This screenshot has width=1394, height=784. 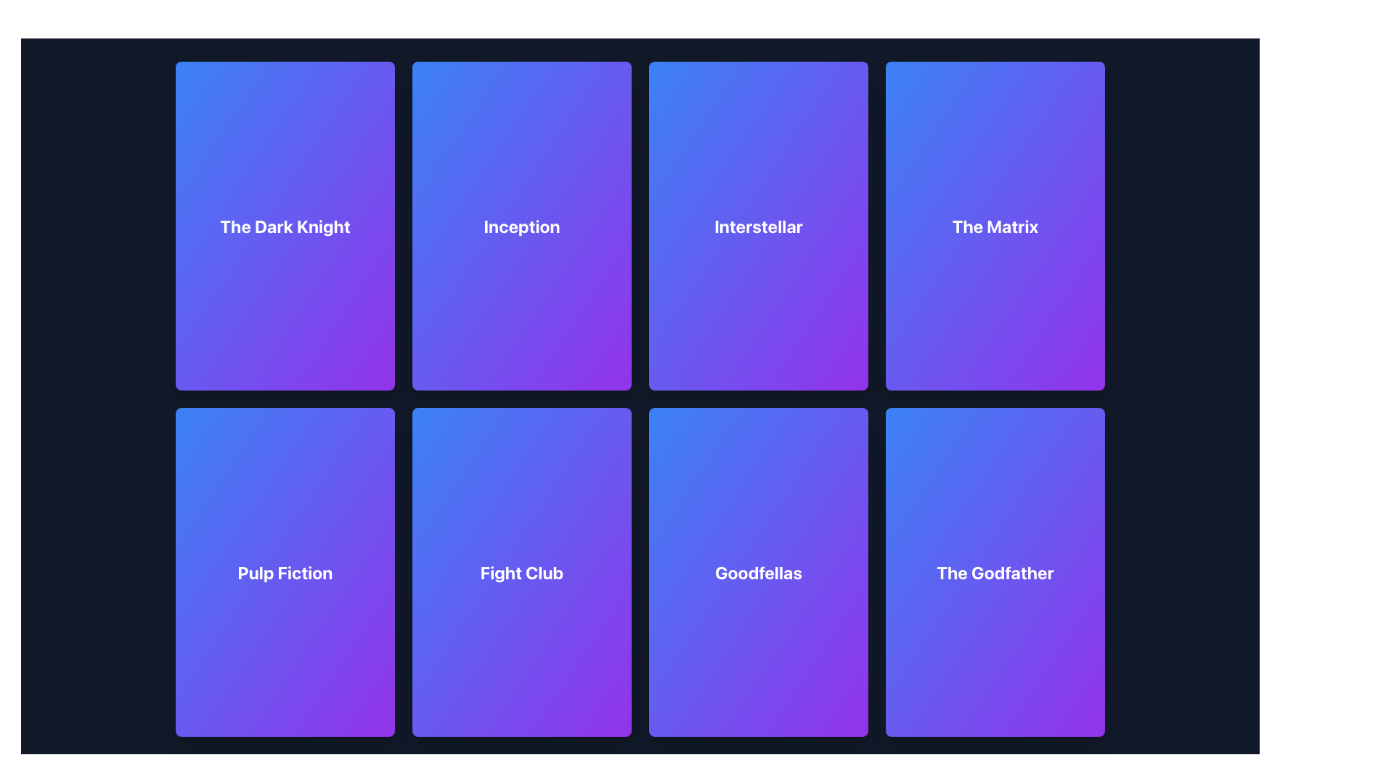 I want to click on the bold text 'Interstellar' displayed in white, so click(x=758, y=226).